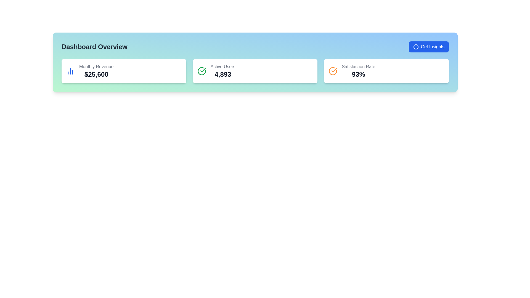  I want to click on the financial metric text display for the monthly revenue value, located beneath the heading 'Monthly Revenue' in the leftmost card, so click(96, 74).